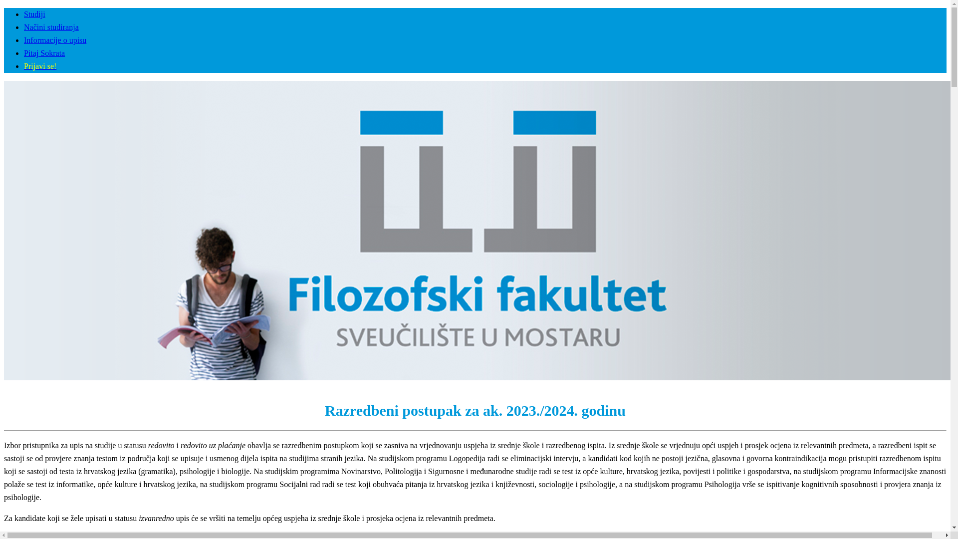  What do you see at coordinates (44, 53) in the screenshot?
I see `'Pitaj Sokrata'` at bounding box center [44, 53].